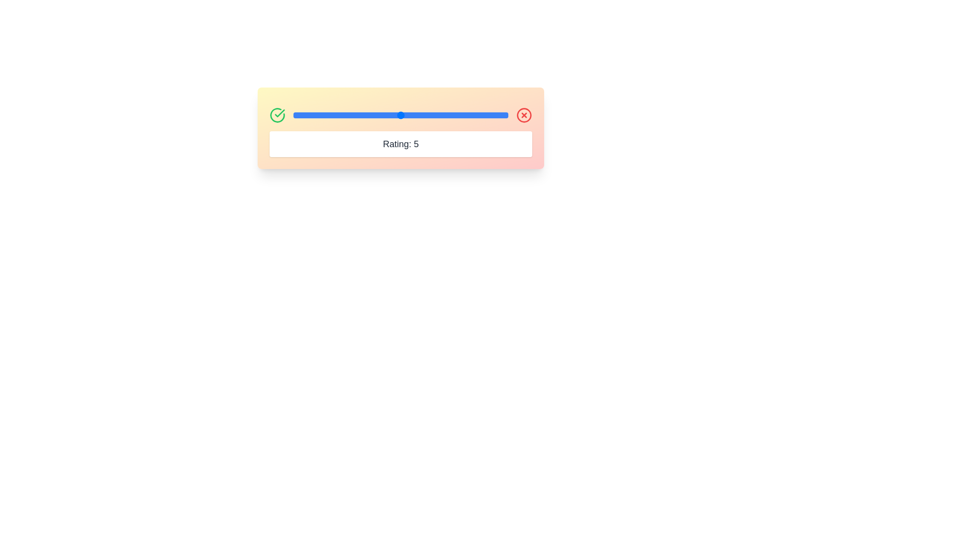  Describe the element at coordinates (422, 114) in the screenshot. I see `the slider value` at that location.